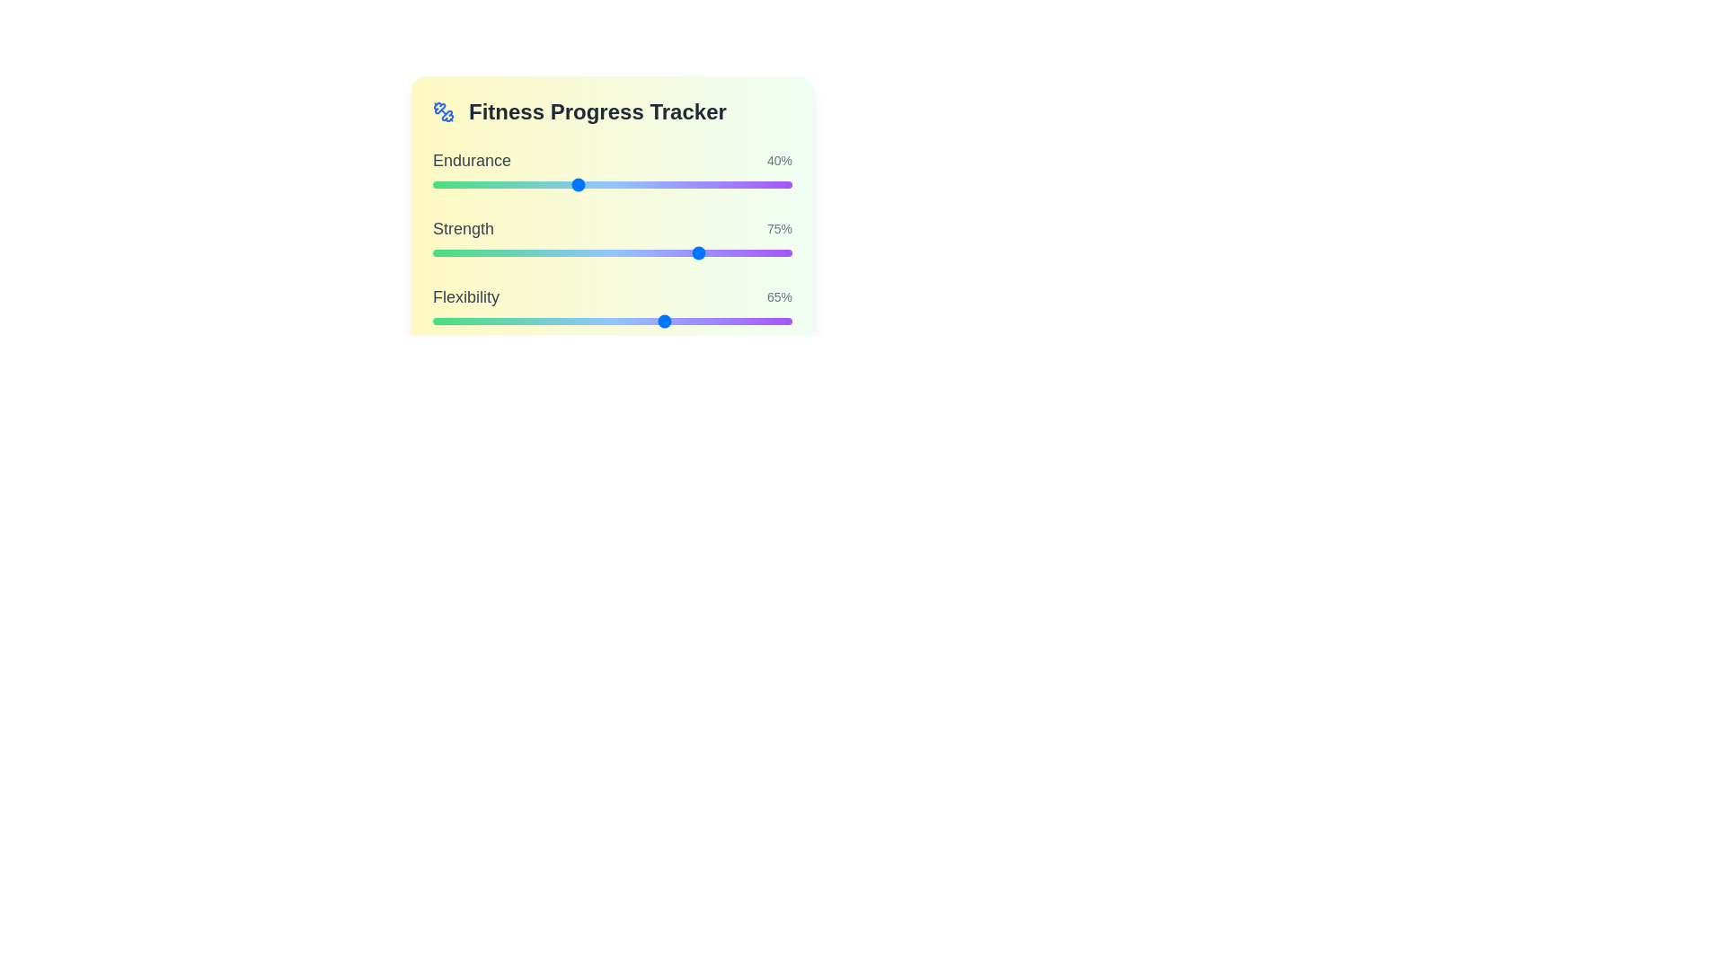 Image resolution: width=1725 pixels, height=970 pixels. Describe the element at coordinates (771, 184) in the screenshot. I see `endurance` at that location.